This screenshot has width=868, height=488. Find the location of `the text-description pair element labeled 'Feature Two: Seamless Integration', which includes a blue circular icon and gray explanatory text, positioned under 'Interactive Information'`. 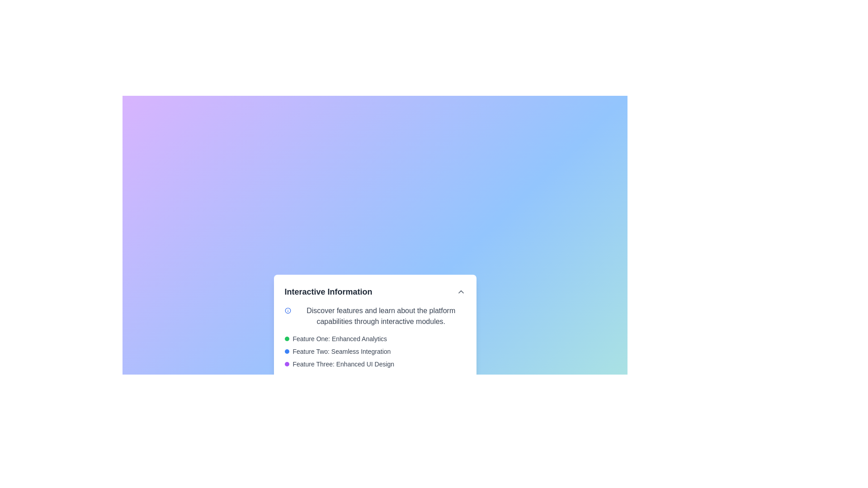

the text-description pair element labeled 'Feature Two: Seamless Integration', which includes a blue circular icon and gray explanatory text, positioned under 'Interactive Information' is located at coordinates (375, 351).